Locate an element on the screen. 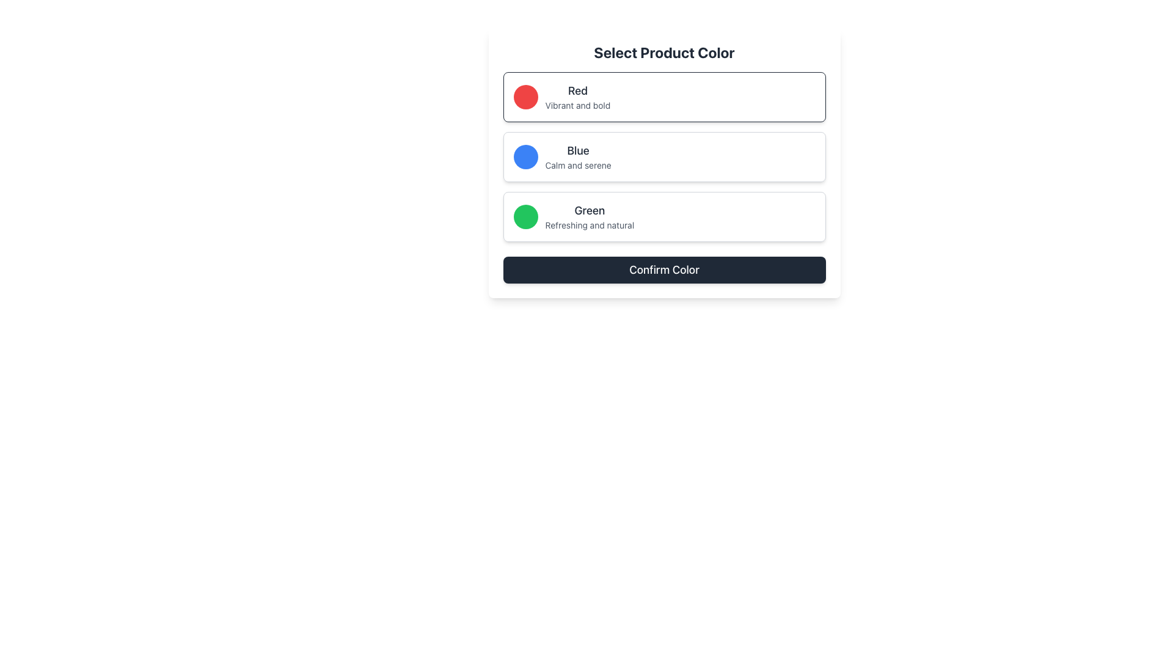 The height and width of the screenshot is (660, 1173). the large, bold text label that reads 'Select Product Color', which is prominently positioned at the top of the product selection interface is located at coordinates (663, 51).